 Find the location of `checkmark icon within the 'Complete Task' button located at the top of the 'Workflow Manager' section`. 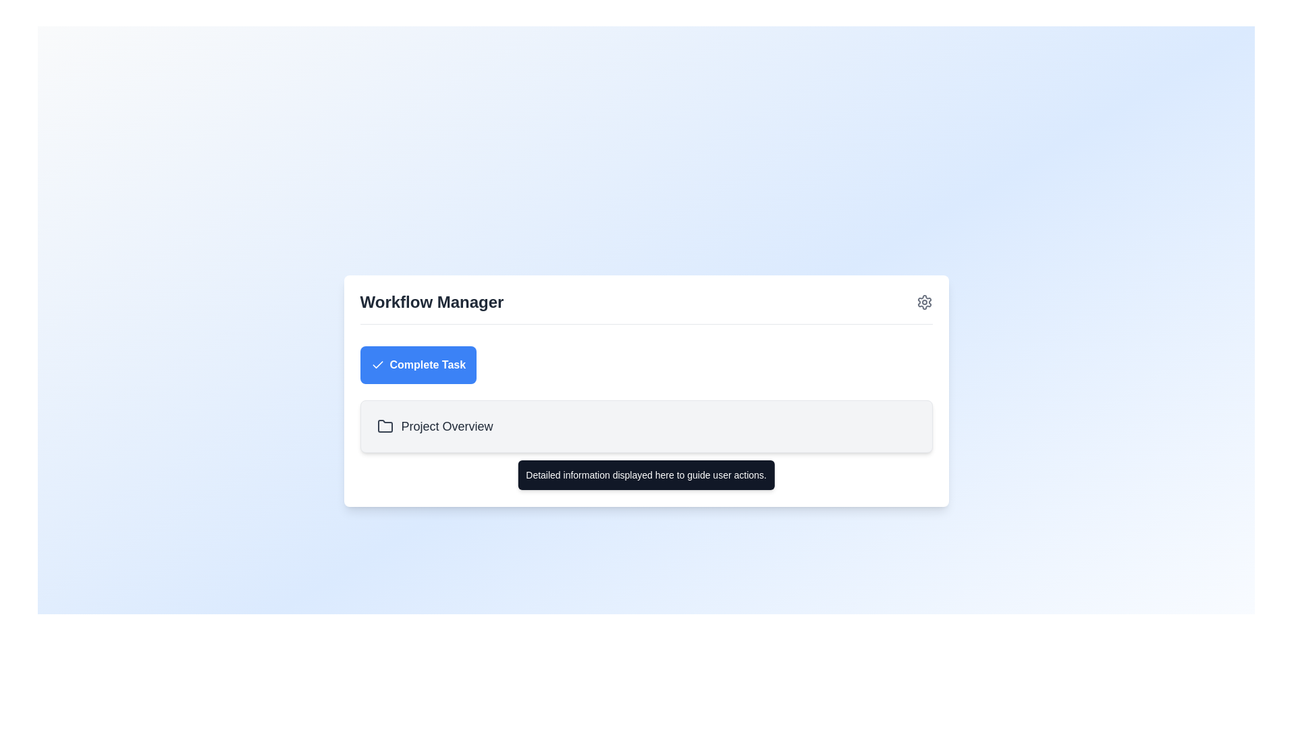

checkmark icon within the 'Complete Task' button located at the top of the 'Workflow Manager' section is located at coordinates (377, 364).